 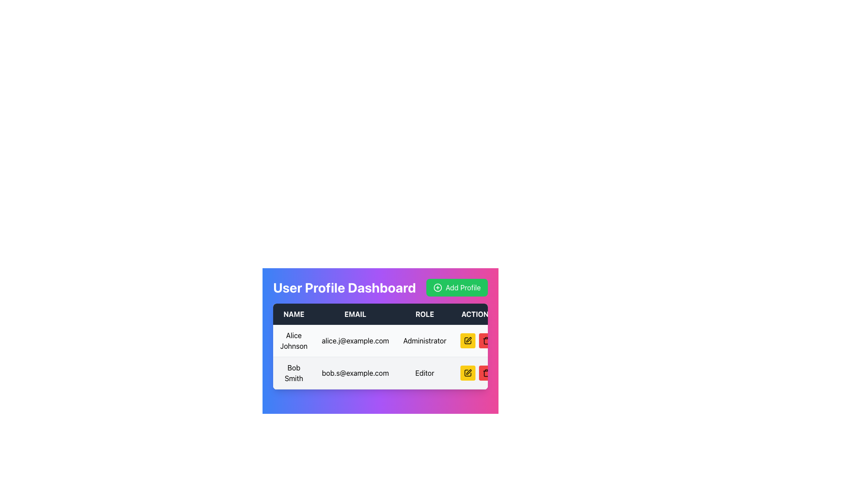 I want to click on the 'Editor' text label, which is a plain black text displayed against a light gray background, located in the 'ROLE' column for the user 'Bob Smith', so click(x=424, y=373).